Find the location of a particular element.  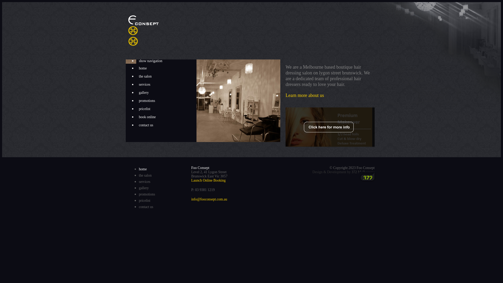

'contact us' is located at coordinates (146, 206).